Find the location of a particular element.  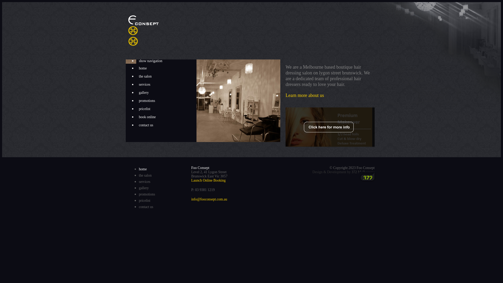

'contact us' is located at coordinates (146, 206).